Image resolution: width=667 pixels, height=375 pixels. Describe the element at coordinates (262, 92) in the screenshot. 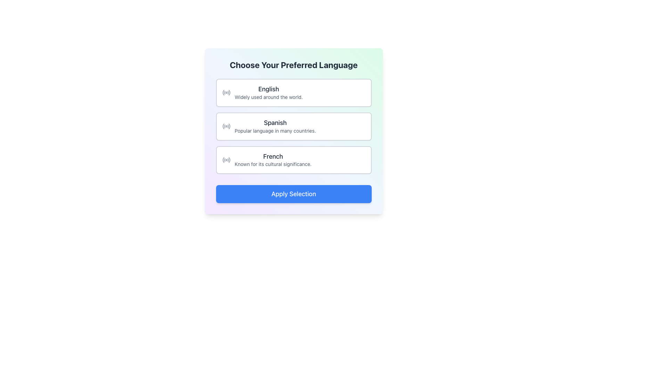

I see `the selectable option for 'English' language at the top of the language options list for keyboard navigation` at that location.